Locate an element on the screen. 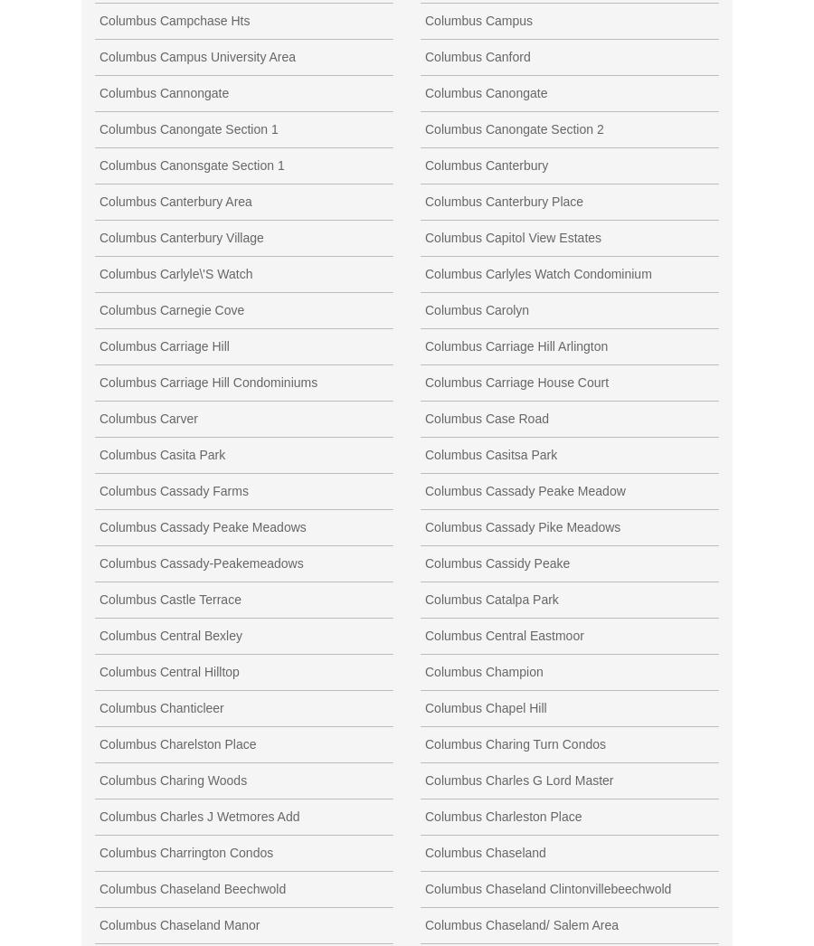 The image size is (814, 946). 'Columbus Canterbury Place' is located at coordinates (423, 199).